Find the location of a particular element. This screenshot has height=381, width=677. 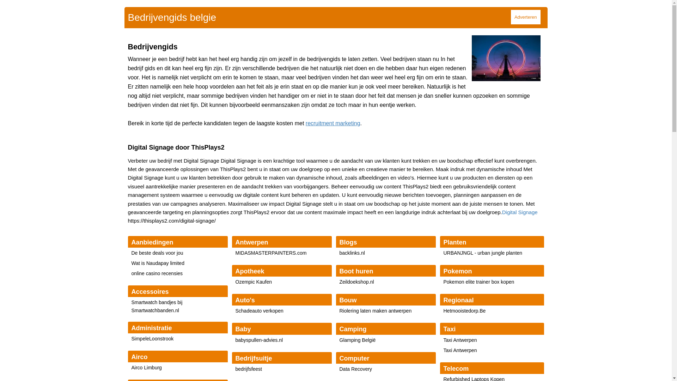

'Zeildoekshop.nl' is located at coordinates (356, 281).